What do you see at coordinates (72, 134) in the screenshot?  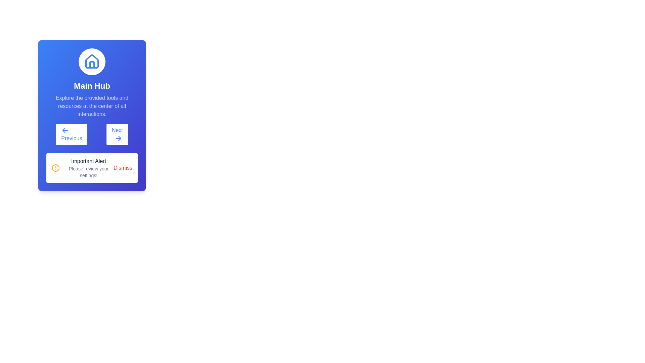 I see `the navigation button that is positioned to the left of the 'Next' button in the vertically oriented card layout` at bounding box center [72, 134].